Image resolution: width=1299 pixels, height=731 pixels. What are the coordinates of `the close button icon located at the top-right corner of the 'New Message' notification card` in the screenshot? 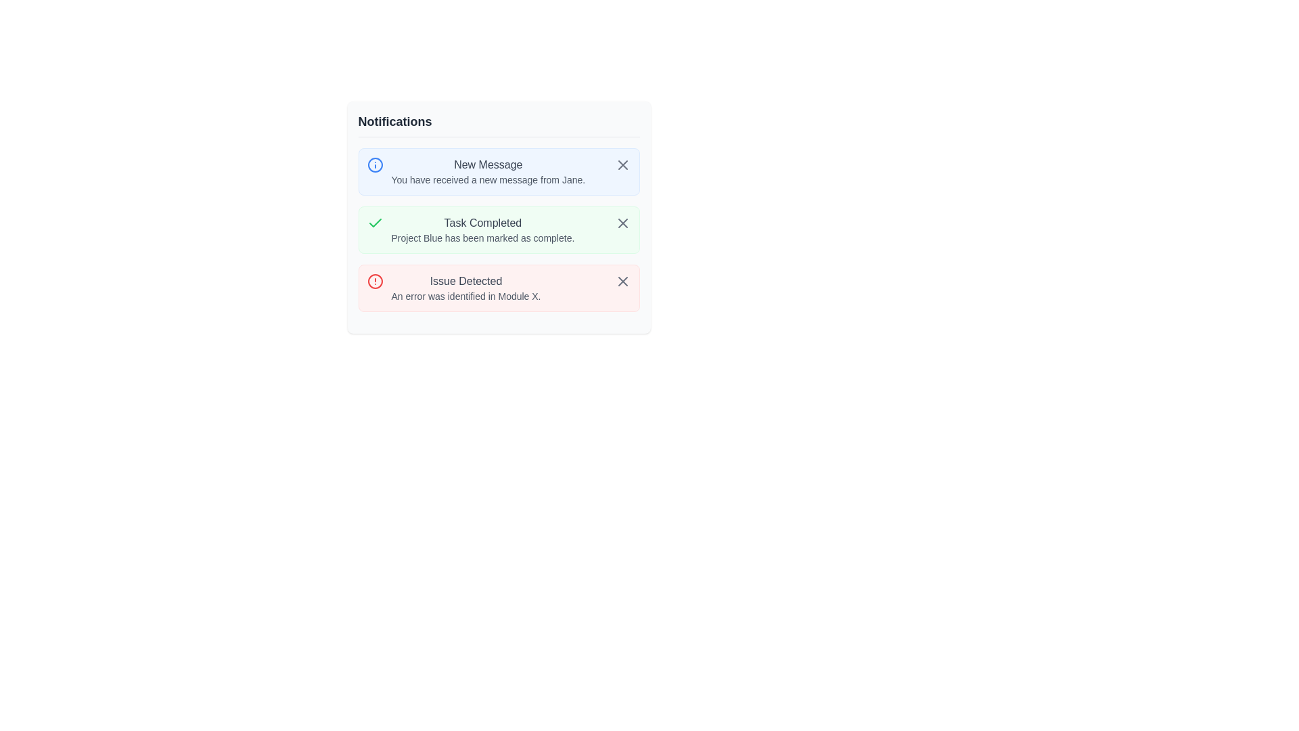 It's located at (622, 164).